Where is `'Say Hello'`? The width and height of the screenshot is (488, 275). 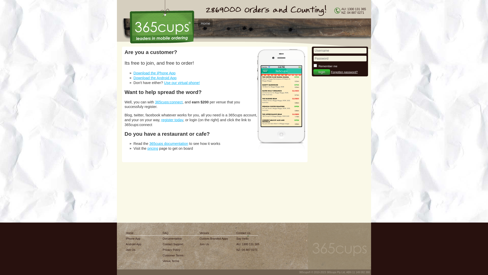 'Say Hello' is located at coordinates (248, 239).